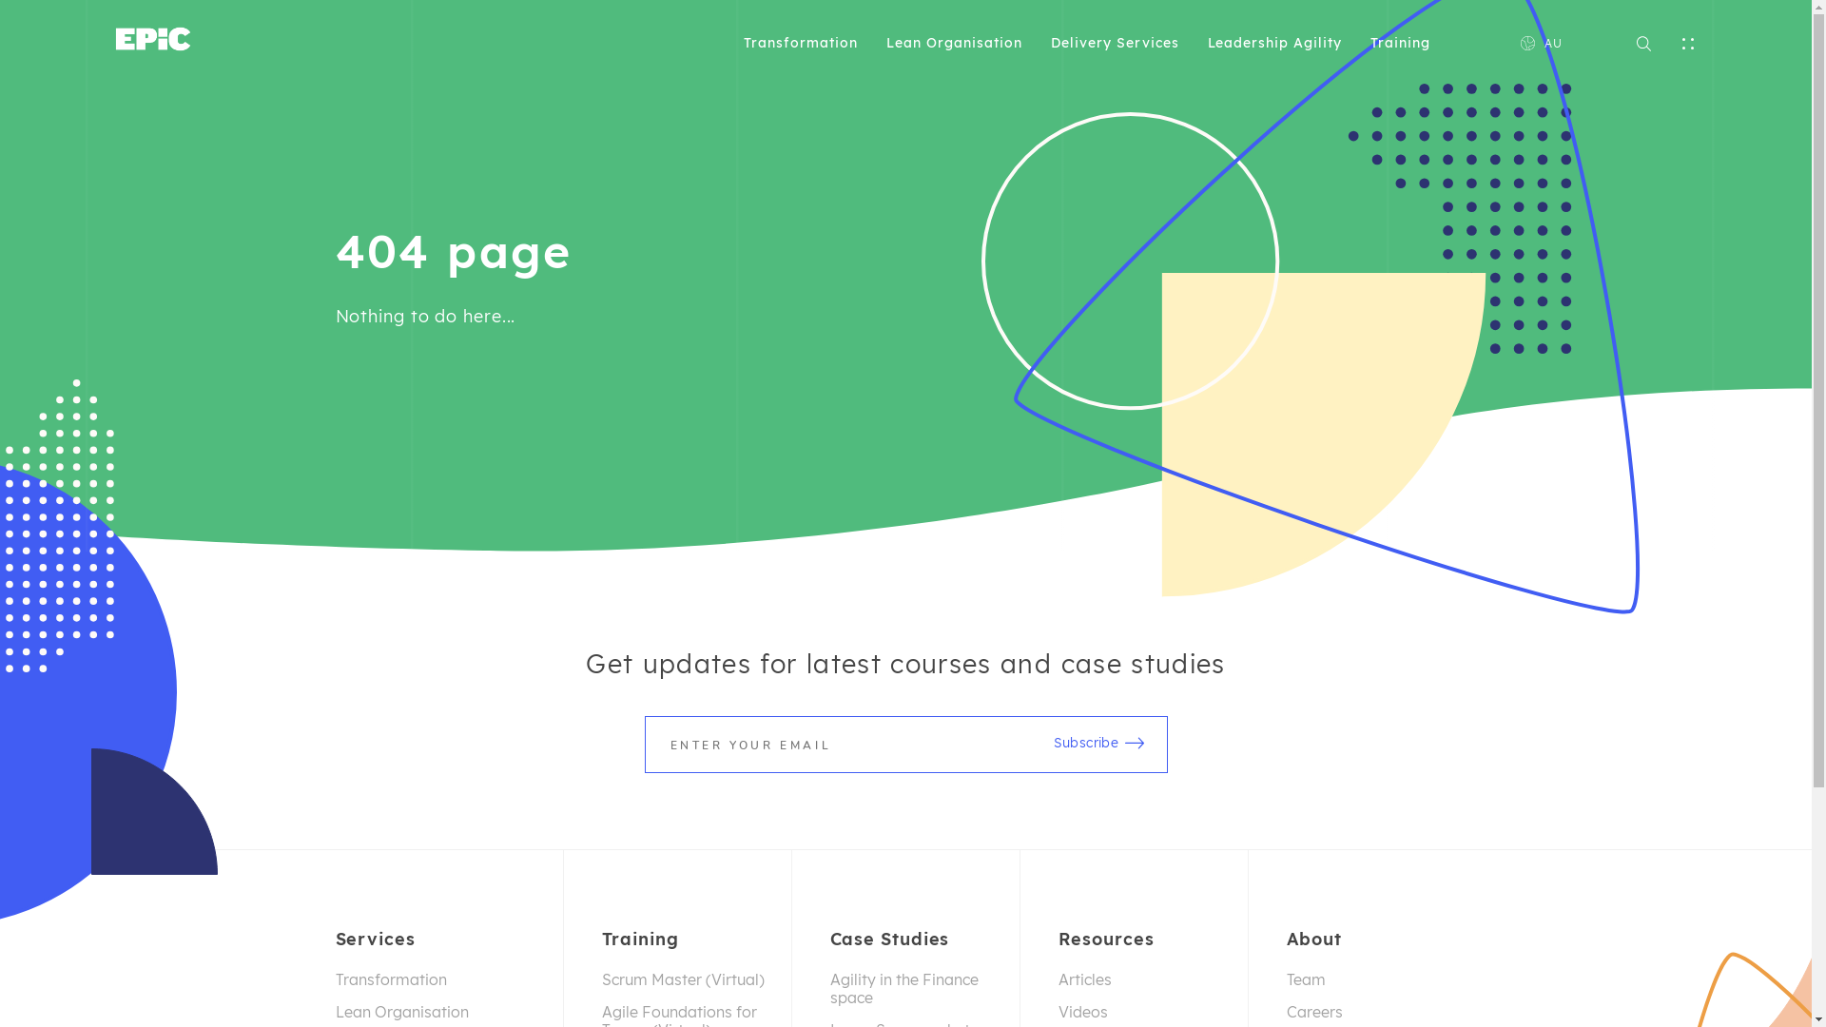 The image size is (1826, 1027). Describe the element at coordinates (1274, 43) in the screenshot. I see `'Leadership Agility'` at that location.